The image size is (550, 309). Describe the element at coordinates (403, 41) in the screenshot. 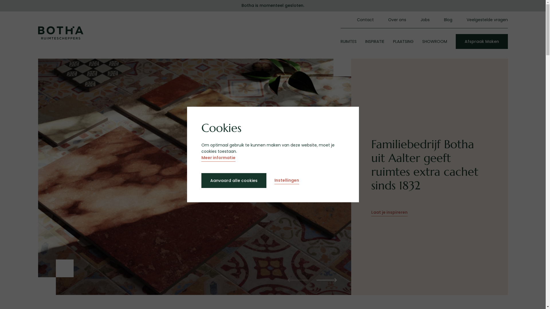

I see `'PLAATSING'` at that location.